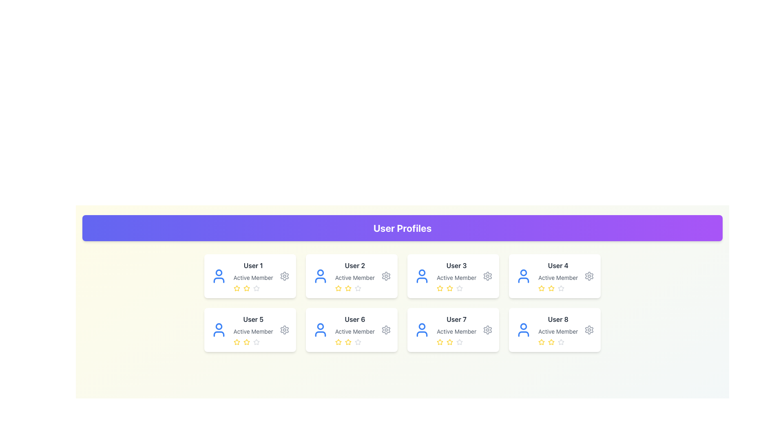 The height and width of the screenshot is (440, 783). Describe the element at coordinates (352, 276) in the screenshot. I see `the stars in the user profile card, which is the second card in the grid layout, to change the rating` at that location.